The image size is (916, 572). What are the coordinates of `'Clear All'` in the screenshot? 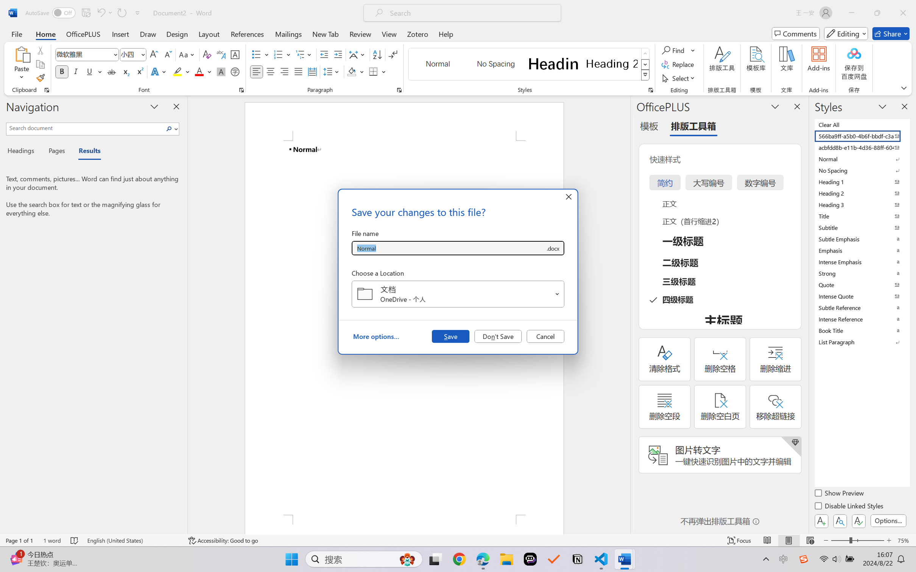 It's located at (861, 124).